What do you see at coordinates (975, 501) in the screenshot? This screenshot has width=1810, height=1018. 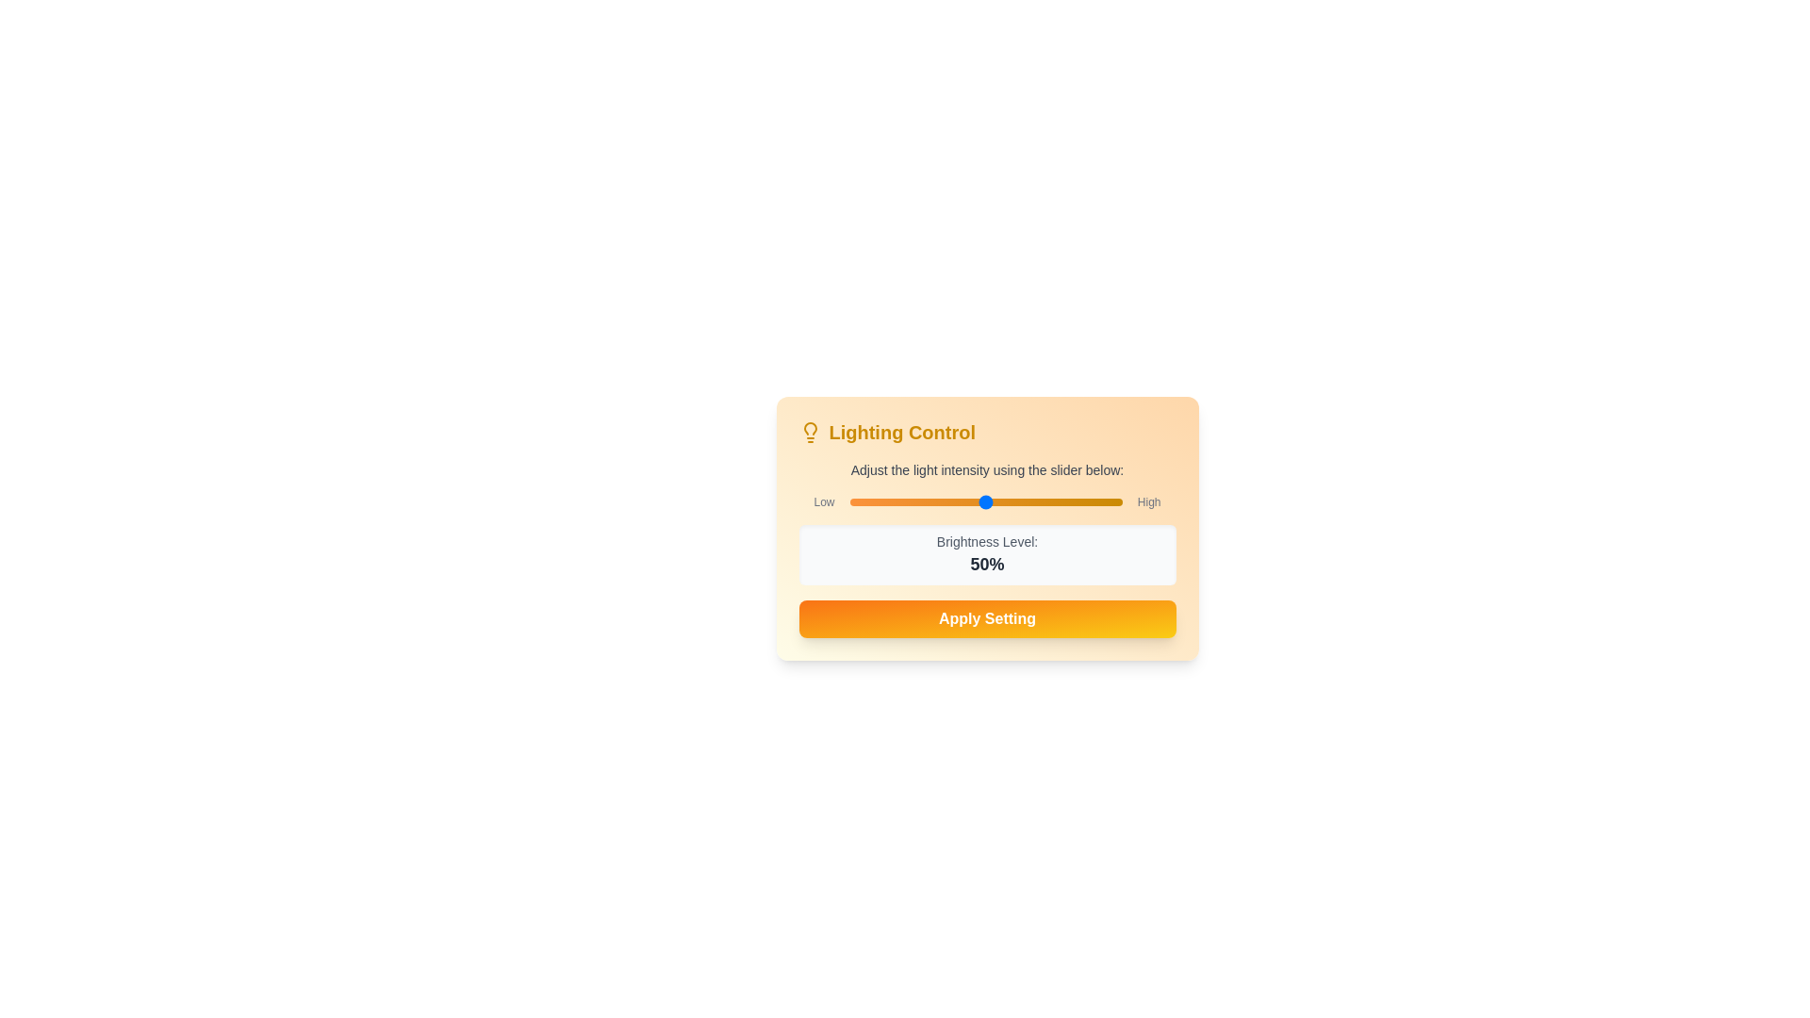 I see `brightness` at bounding box center [975, 501].